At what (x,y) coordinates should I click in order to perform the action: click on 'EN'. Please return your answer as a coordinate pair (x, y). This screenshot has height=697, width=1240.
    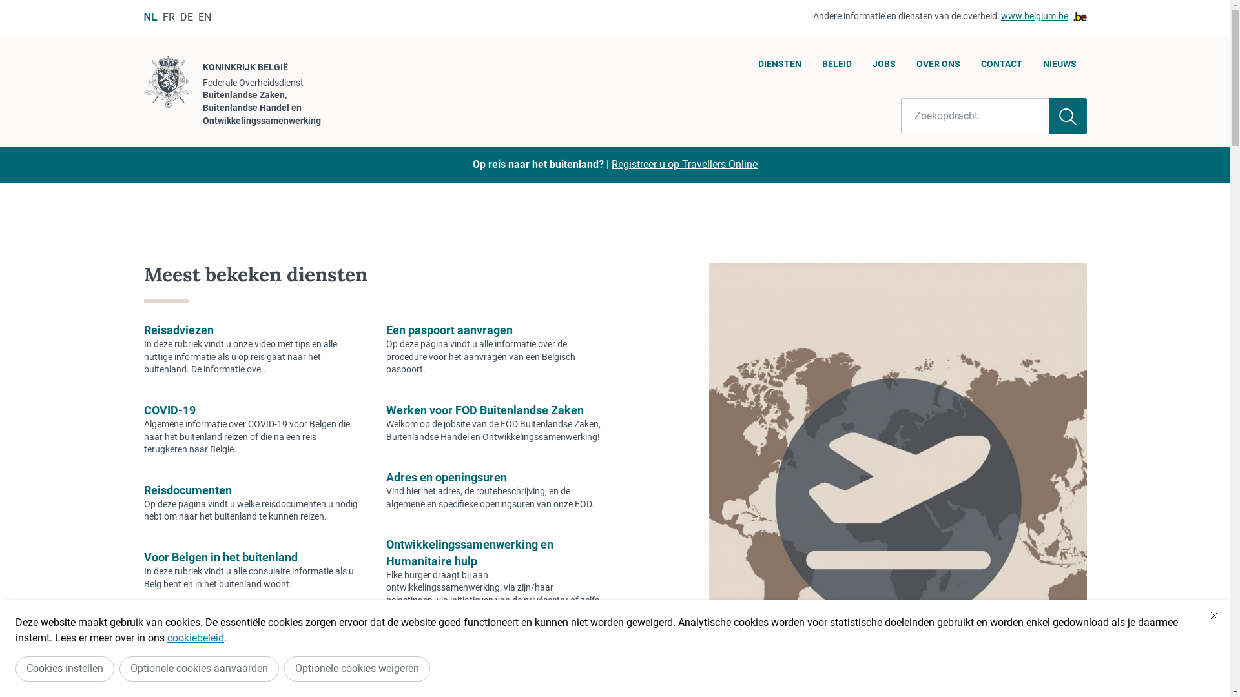
    Looking at the image, I should click on (203, 17).